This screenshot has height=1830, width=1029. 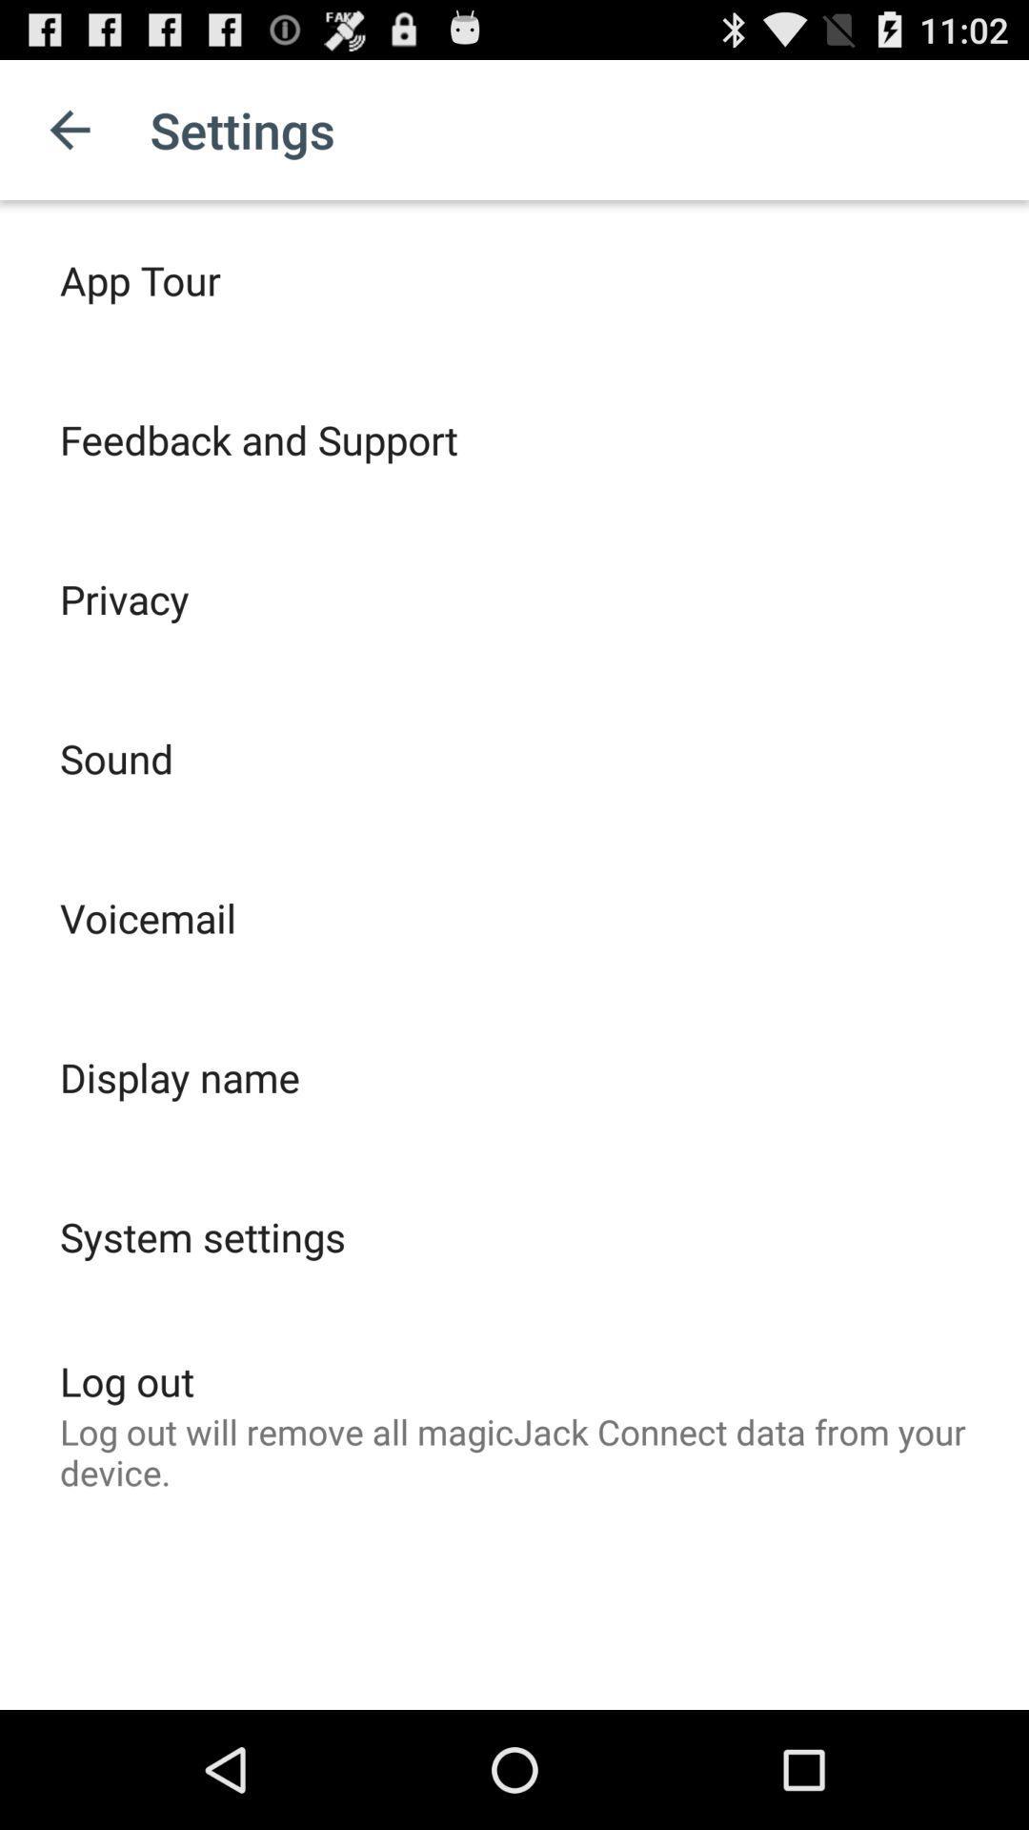 What do you see at coordinates (139, 278) in the screenshot?
I see `item above the feedback and support item` at bounding box center [139, 278].